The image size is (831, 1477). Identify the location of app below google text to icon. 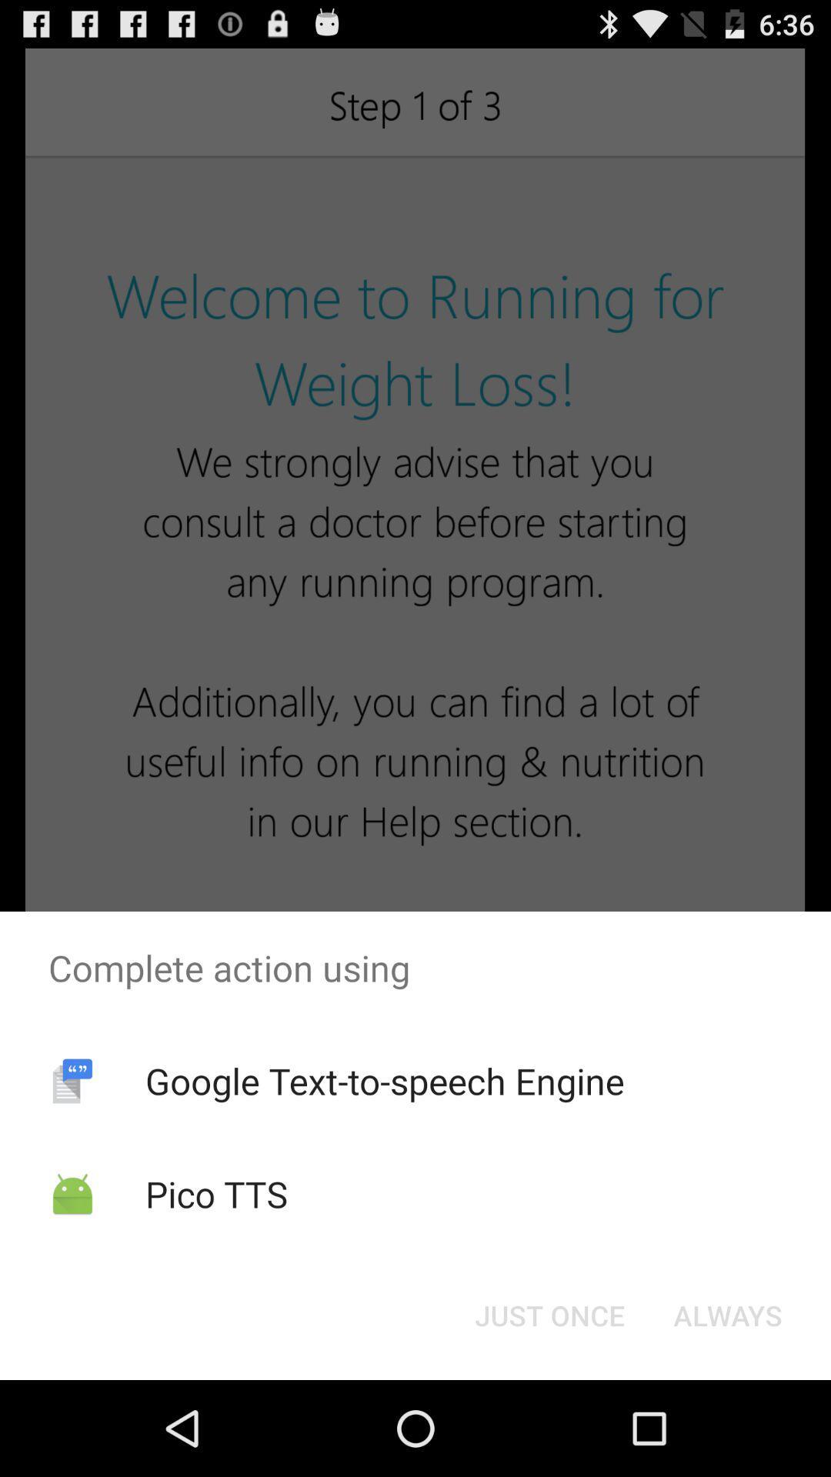
(549, 1314).